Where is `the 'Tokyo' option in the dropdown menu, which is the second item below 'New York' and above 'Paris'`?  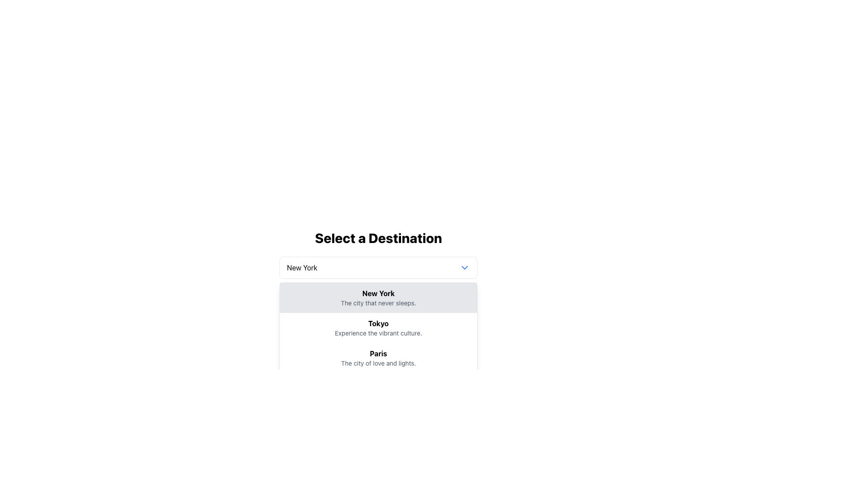
the 'Tokyo' option in the dropdown menu, which is the second item below 'New York' and above 'Paris' is located at coordinates (378, 328).